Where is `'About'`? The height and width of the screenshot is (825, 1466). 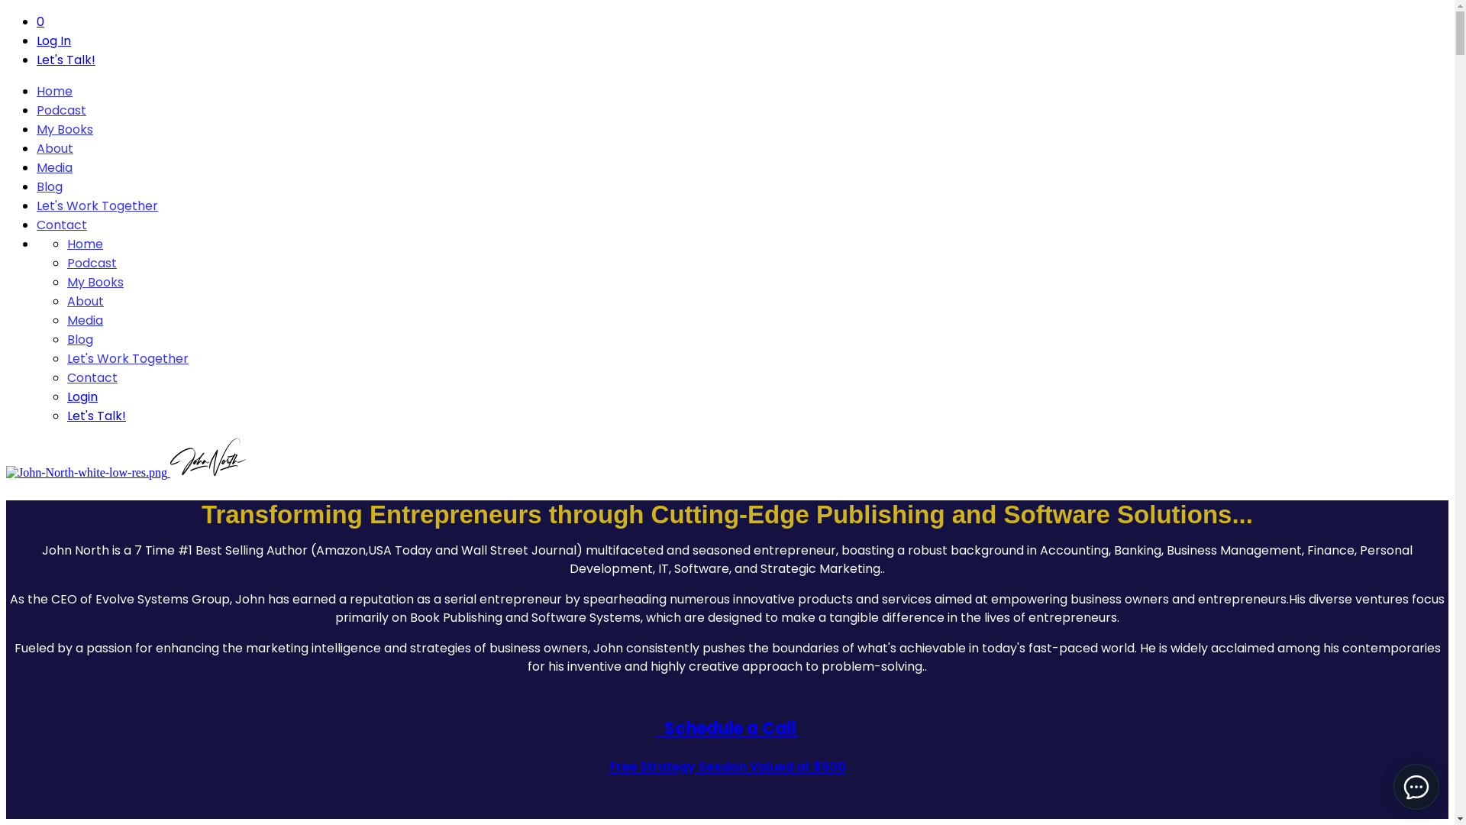
'About' is located at coordinates (55, 148).